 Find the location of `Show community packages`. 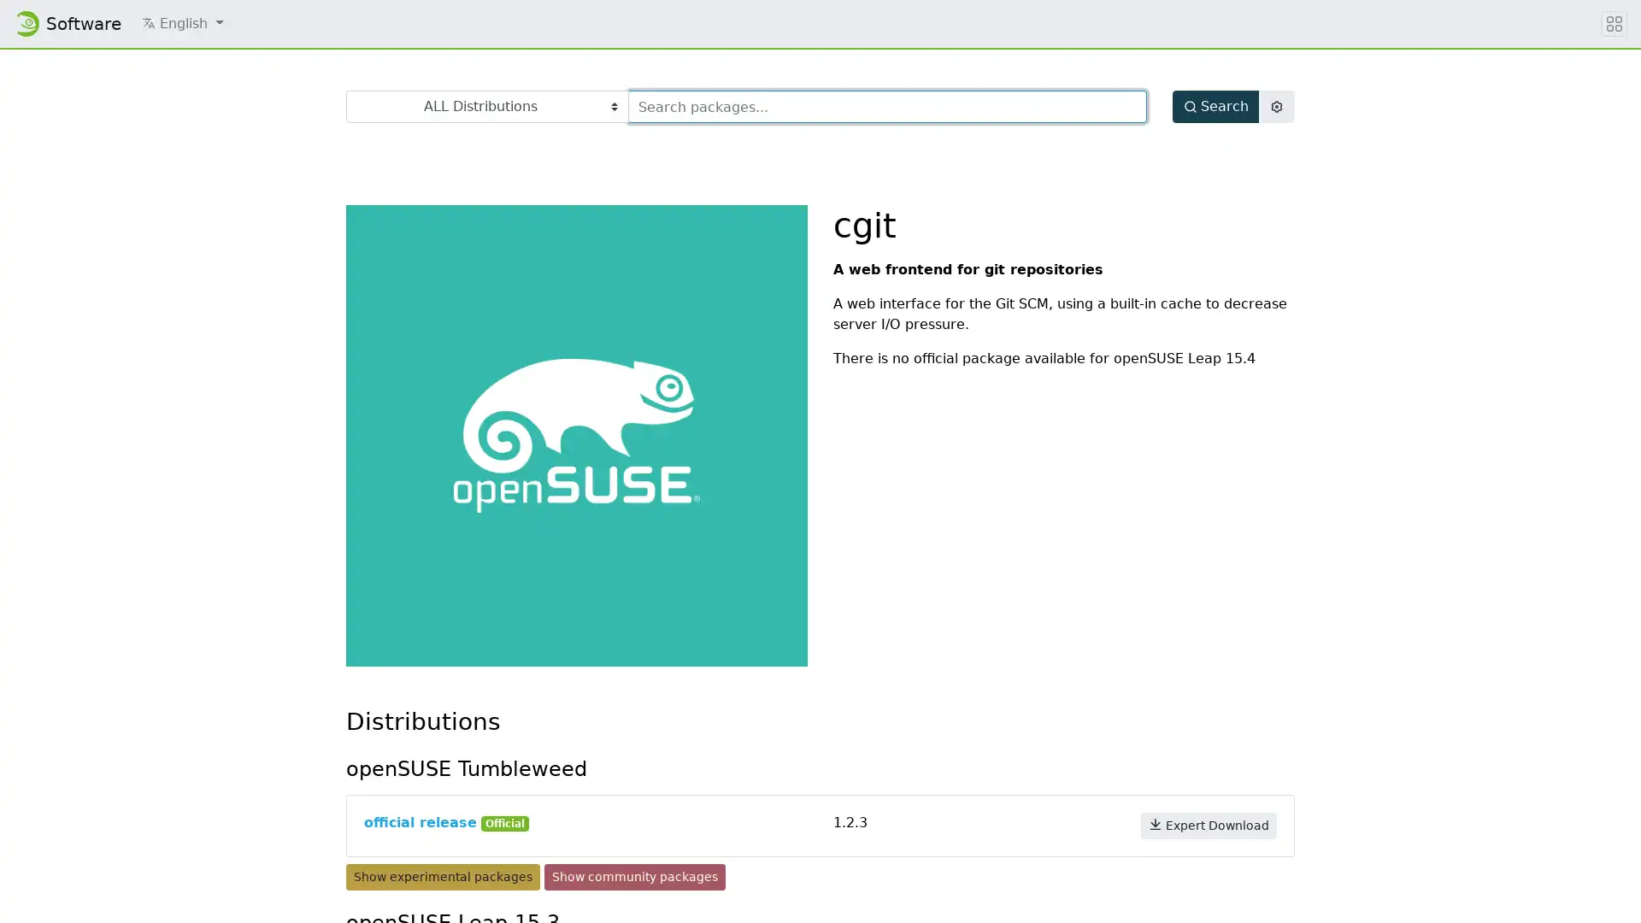

Show community packages is located at coordinates (634, 877).